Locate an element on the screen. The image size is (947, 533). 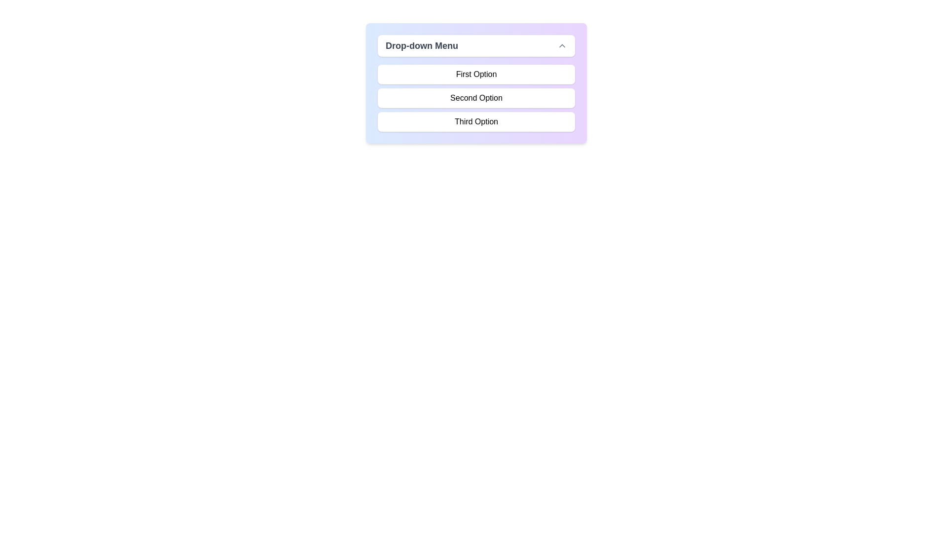
the 'Second Option' in the dropdown list, which is styled with rounded corners and a light background, located under the title 'Drop-down Menu' is located at coordinates (476, 98).